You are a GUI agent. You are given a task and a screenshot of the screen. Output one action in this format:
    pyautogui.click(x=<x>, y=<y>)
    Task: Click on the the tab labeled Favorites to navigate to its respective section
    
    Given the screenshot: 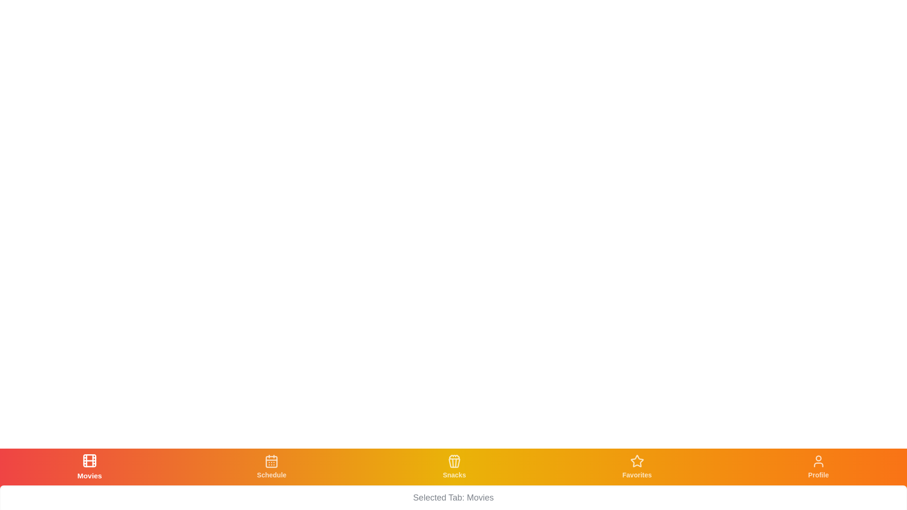 What is the action you would take?
    pyautogui.click(x=637, y=466)
    